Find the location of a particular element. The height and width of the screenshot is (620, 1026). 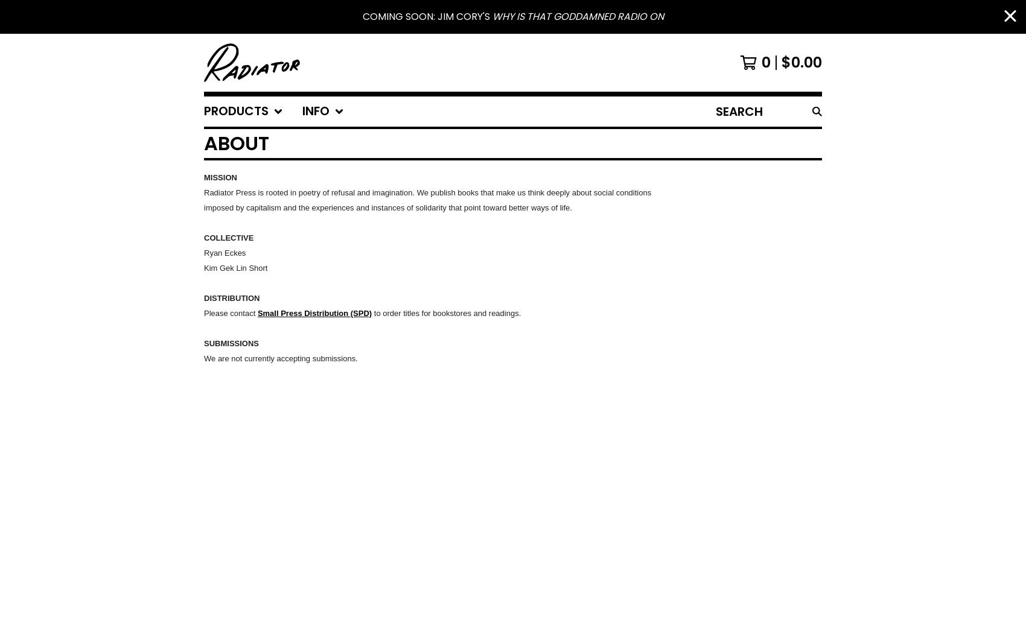

'Radiator Press' is located at coordinates (229, 192).